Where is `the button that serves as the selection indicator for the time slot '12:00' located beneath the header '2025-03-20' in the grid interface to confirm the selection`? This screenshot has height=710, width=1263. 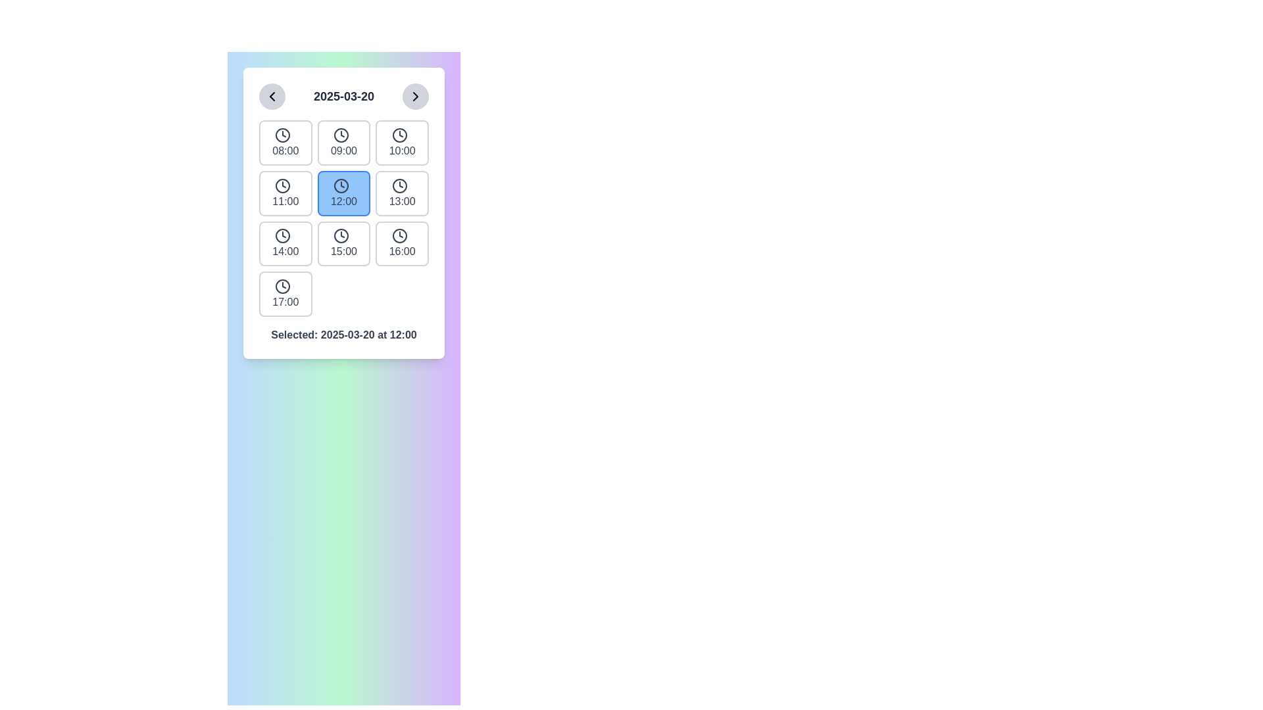
the button that serves as the selection indicator for the time slot '12:00' located beneath the header '2025-03-20' in the grid interface to confirm the selection is located at coordinates (344, 212).